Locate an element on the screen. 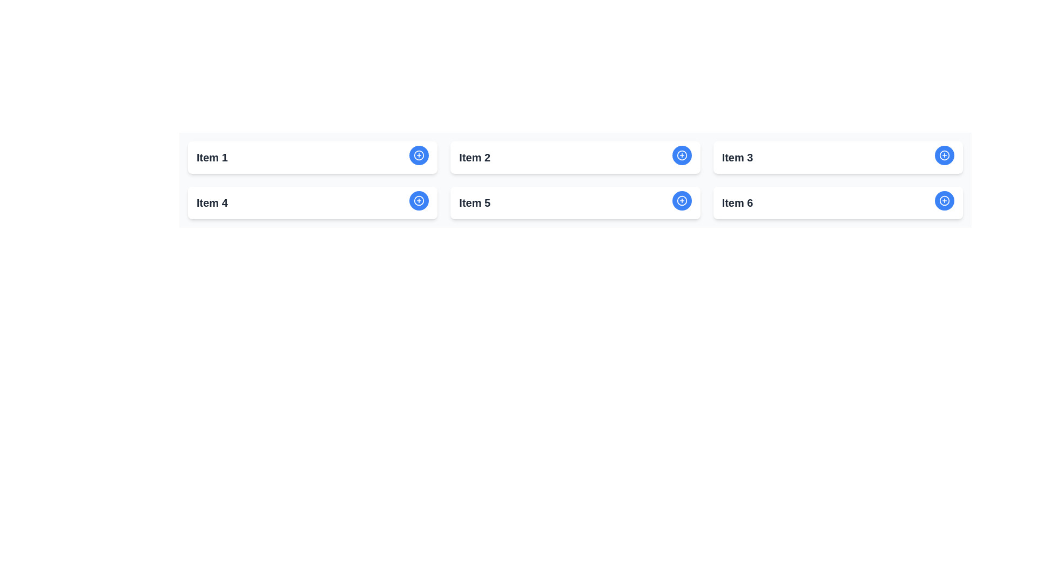 This screenshot has width=1037, height=583. the button with an icon located at the bottom-right corner of 'Item 2' card for visual feedback is located at coordinates (681, 155).